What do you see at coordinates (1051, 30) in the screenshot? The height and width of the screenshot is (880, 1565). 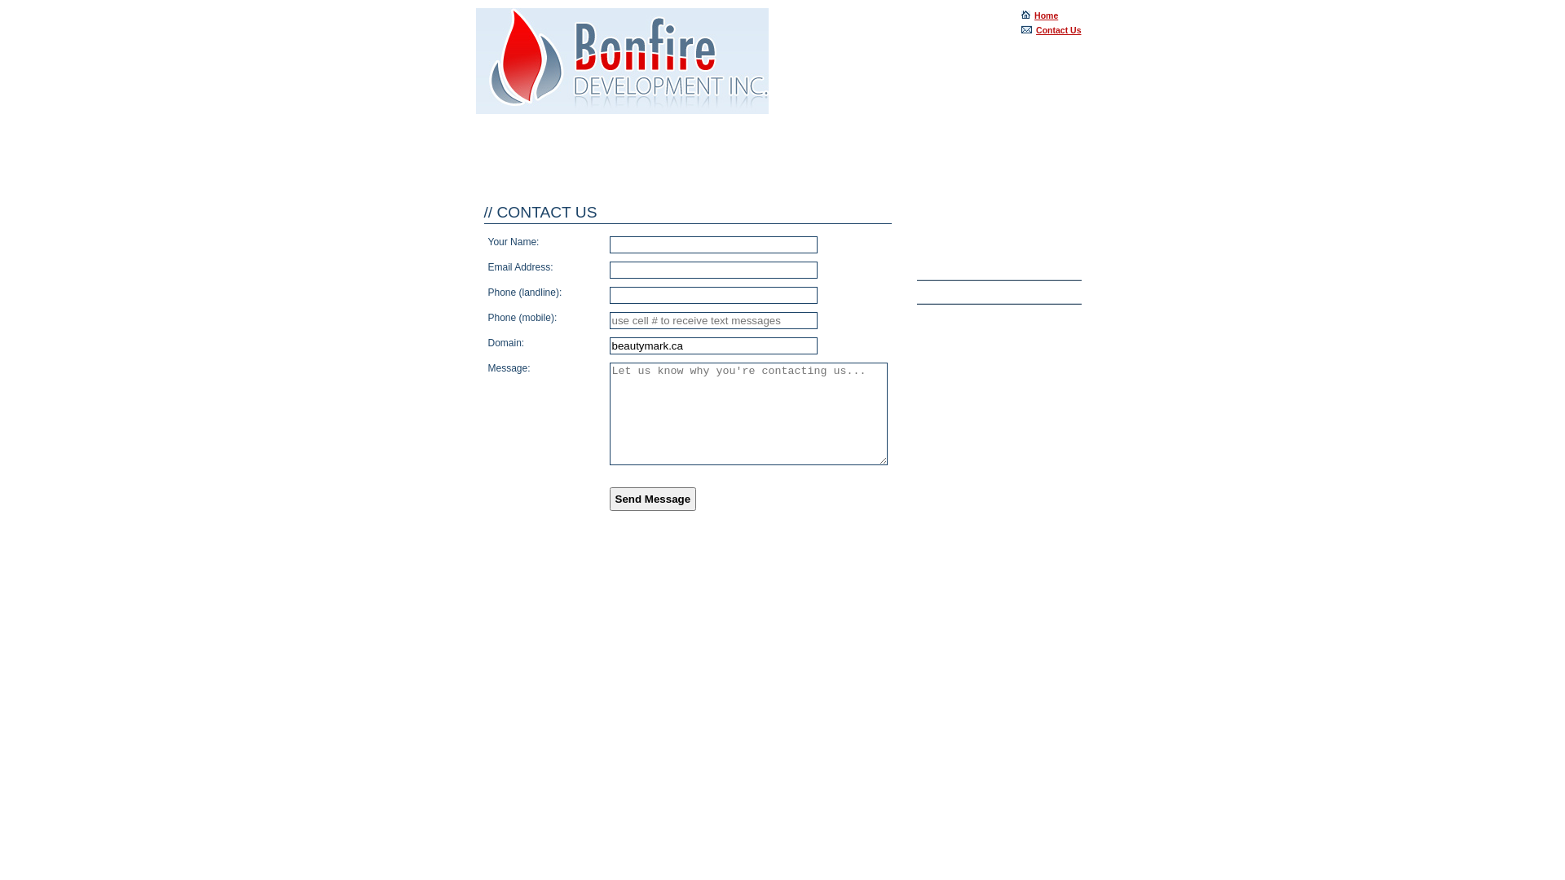 I see `'Contact Us'` at bounding box center [1051, 30].